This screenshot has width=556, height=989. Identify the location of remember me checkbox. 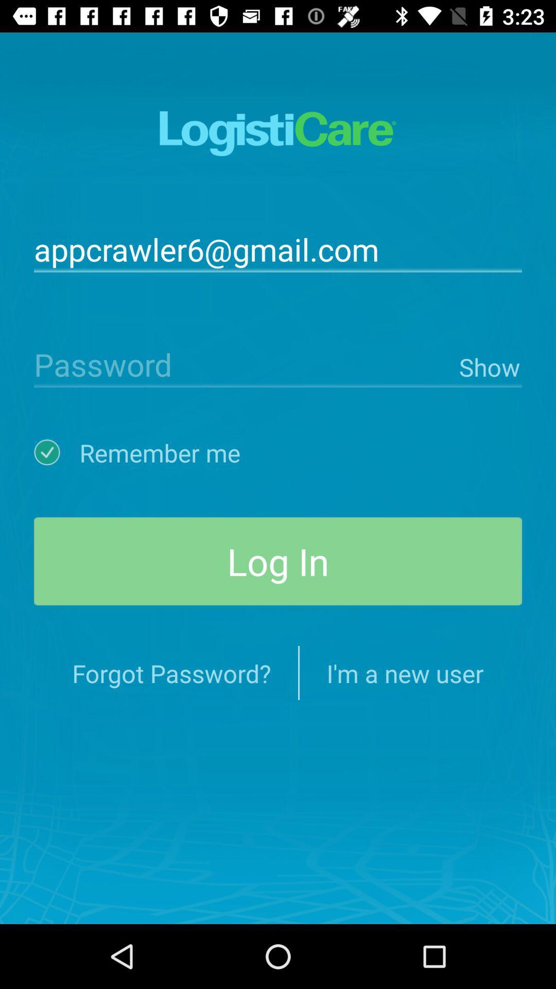
(57, 452).